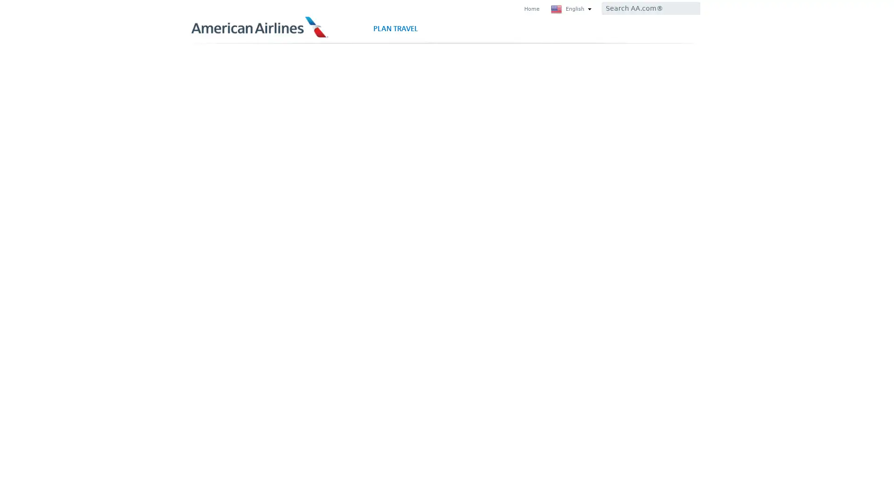  I want to click on Opens password pop-up, so click(315, 196).